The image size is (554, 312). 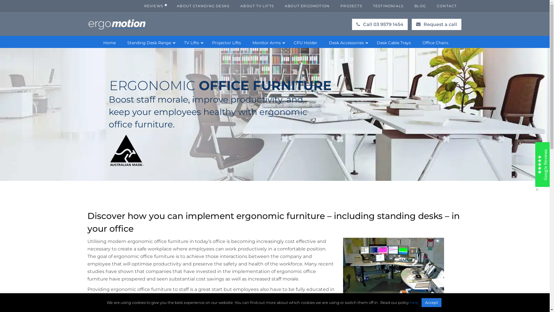 I want to click on 'ABOUT STANDING DESKS', so click(x=171, y=6).